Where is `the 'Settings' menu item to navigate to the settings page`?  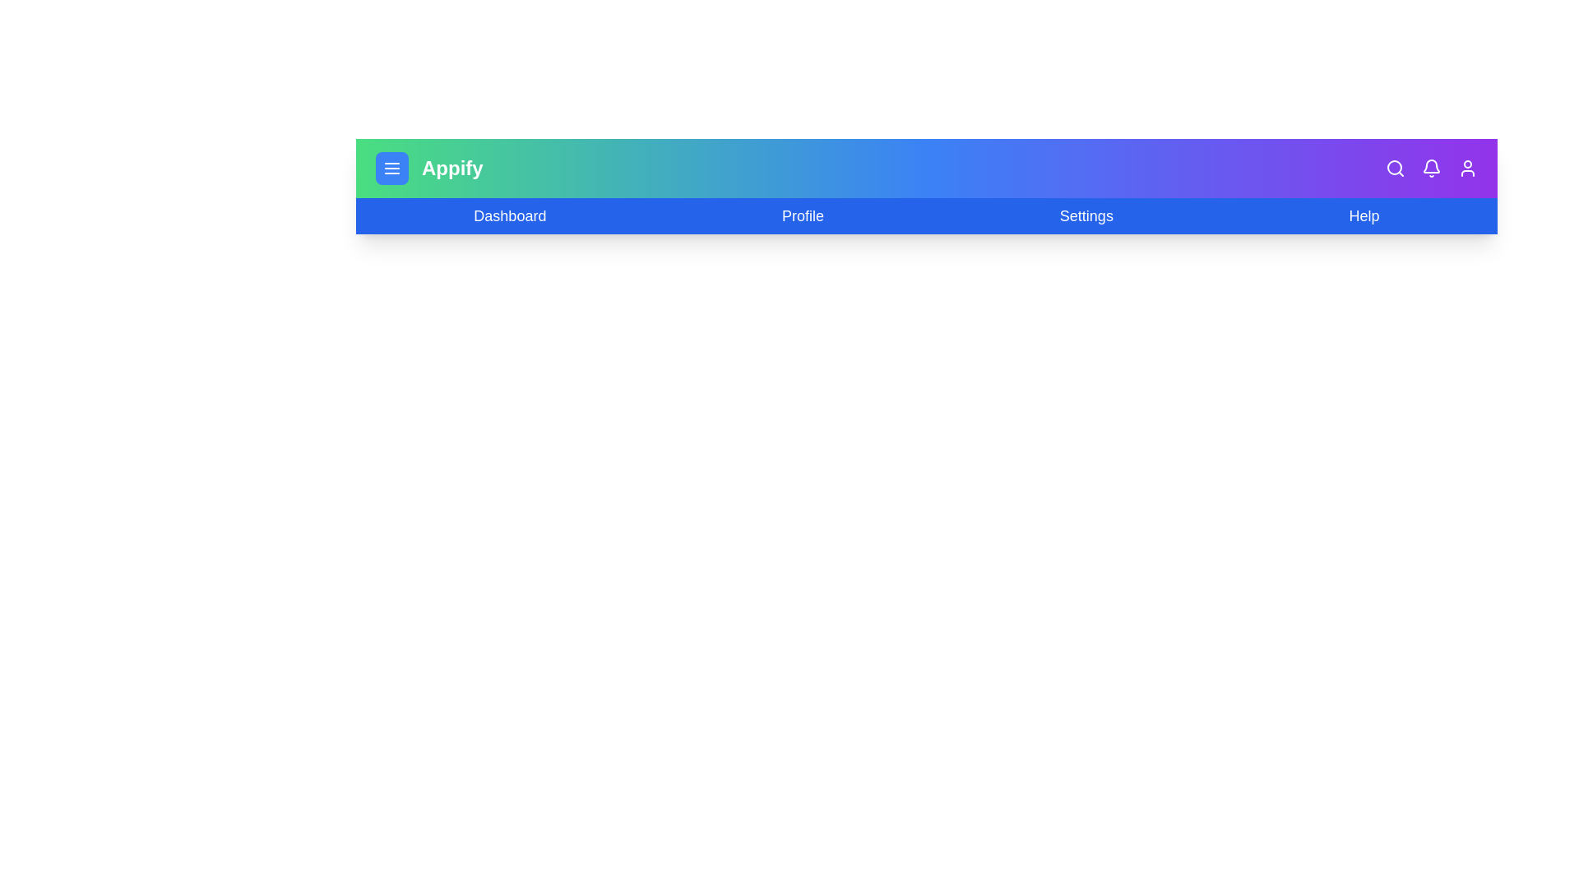 the 'Settings' menu item to navigate to the settings page is located at coordinates (1086, 215).